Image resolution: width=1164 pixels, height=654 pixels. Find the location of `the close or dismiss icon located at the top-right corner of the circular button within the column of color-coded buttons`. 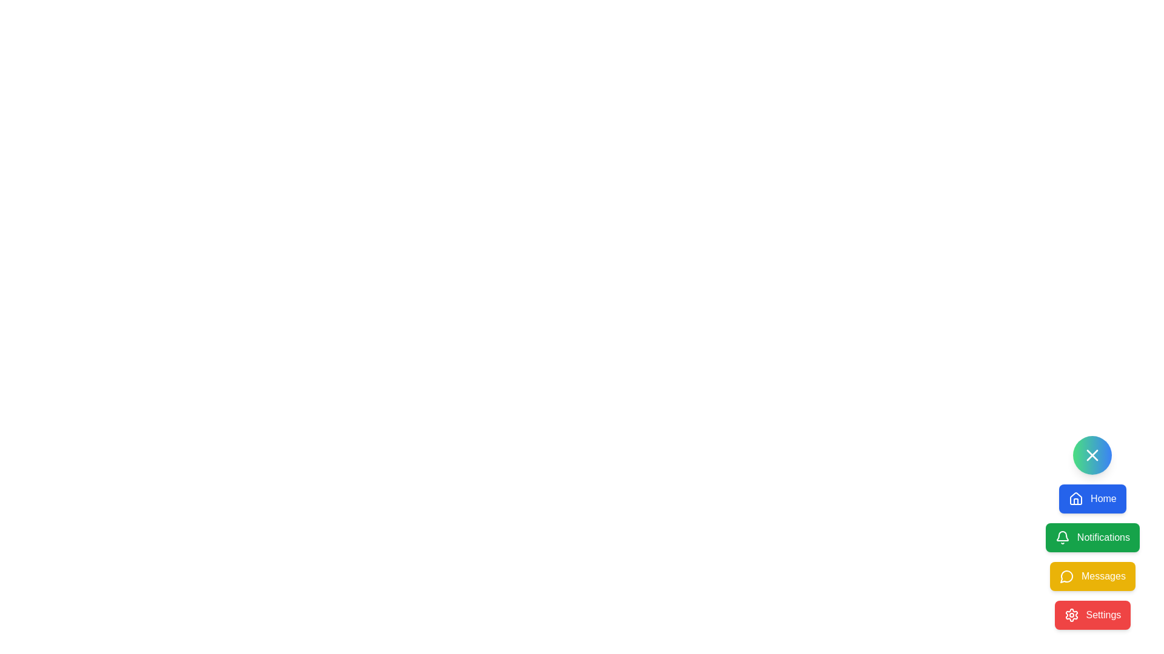

the close or dismiss icon located at the top-right corner of the circular button within the column of color-coded buttons is located at coordinates (1092, 455).